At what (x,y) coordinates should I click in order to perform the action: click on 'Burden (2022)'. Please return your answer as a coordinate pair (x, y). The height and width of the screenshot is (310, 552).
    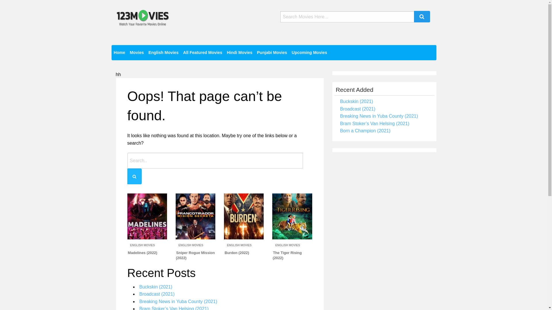
    Looking at the image, I should click on (237, 252).